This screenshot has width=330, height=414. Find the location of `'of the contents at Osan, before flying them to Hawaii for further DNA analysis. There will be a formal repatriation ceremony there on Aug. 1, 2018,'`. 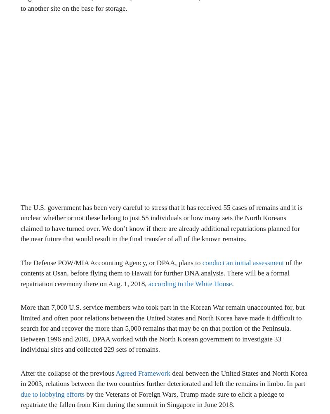

'of the contents at Osan, before flying them to Hawaii for further DNA analysis. There will be a formal repatriation ceremony there on Aug. 1, 2018,' is located at coordinates (20, 273).